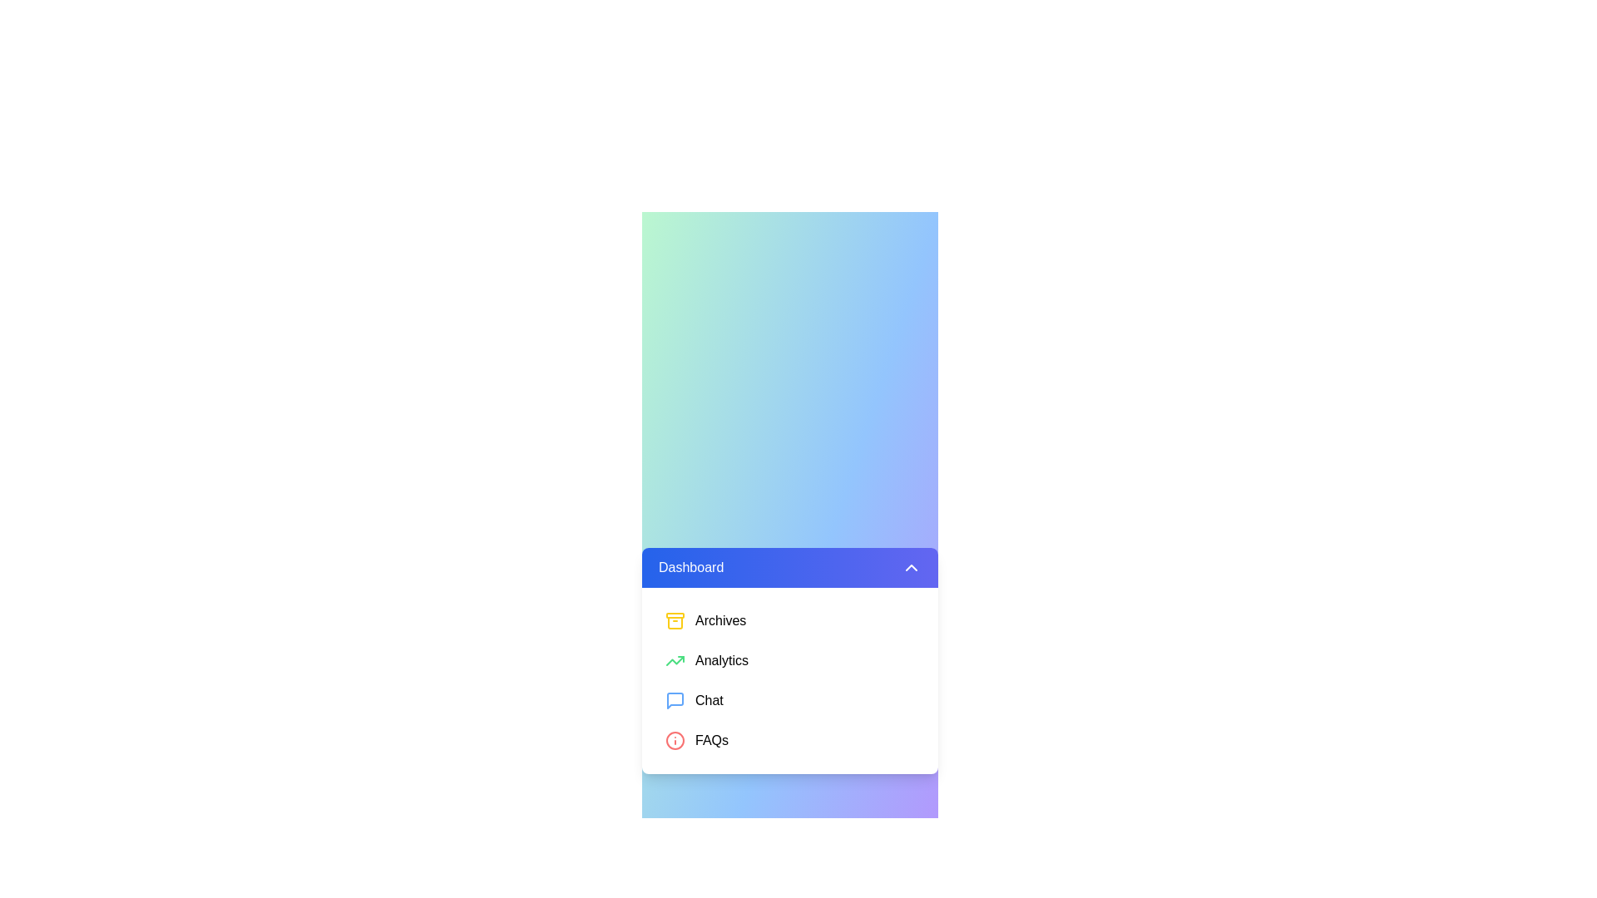  Describe the element at coordinates (789, 740) in the screenshot. I see `the menu item FAQs` at that location.